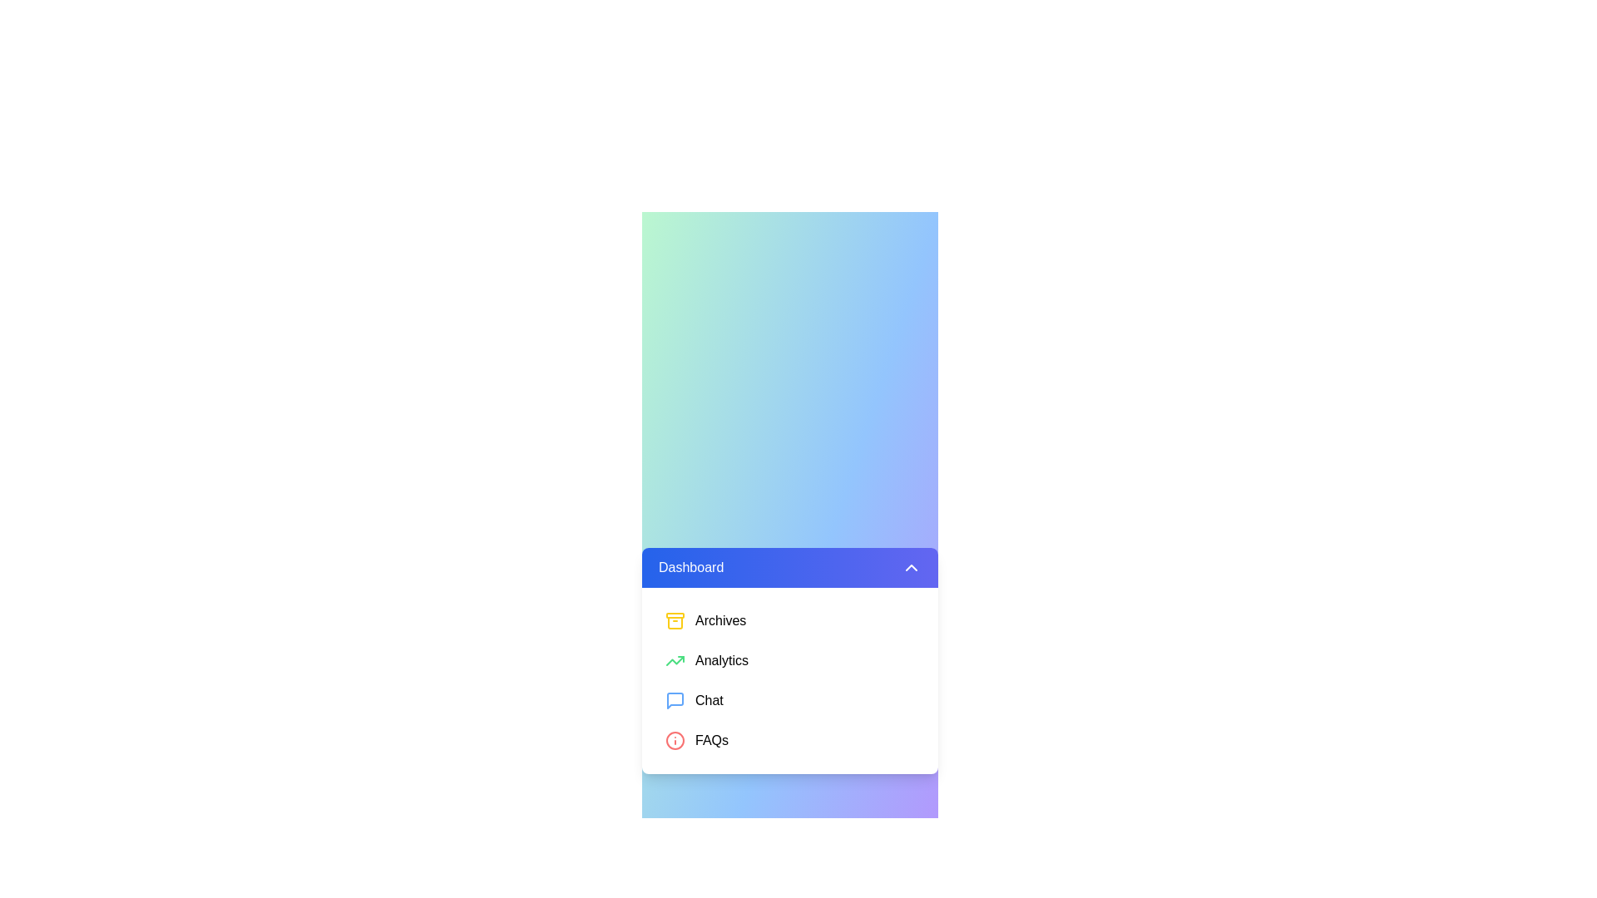  Describe the element at coordinates (789, 740) in the screenshot. I see `the menu item FAQs` at that location.